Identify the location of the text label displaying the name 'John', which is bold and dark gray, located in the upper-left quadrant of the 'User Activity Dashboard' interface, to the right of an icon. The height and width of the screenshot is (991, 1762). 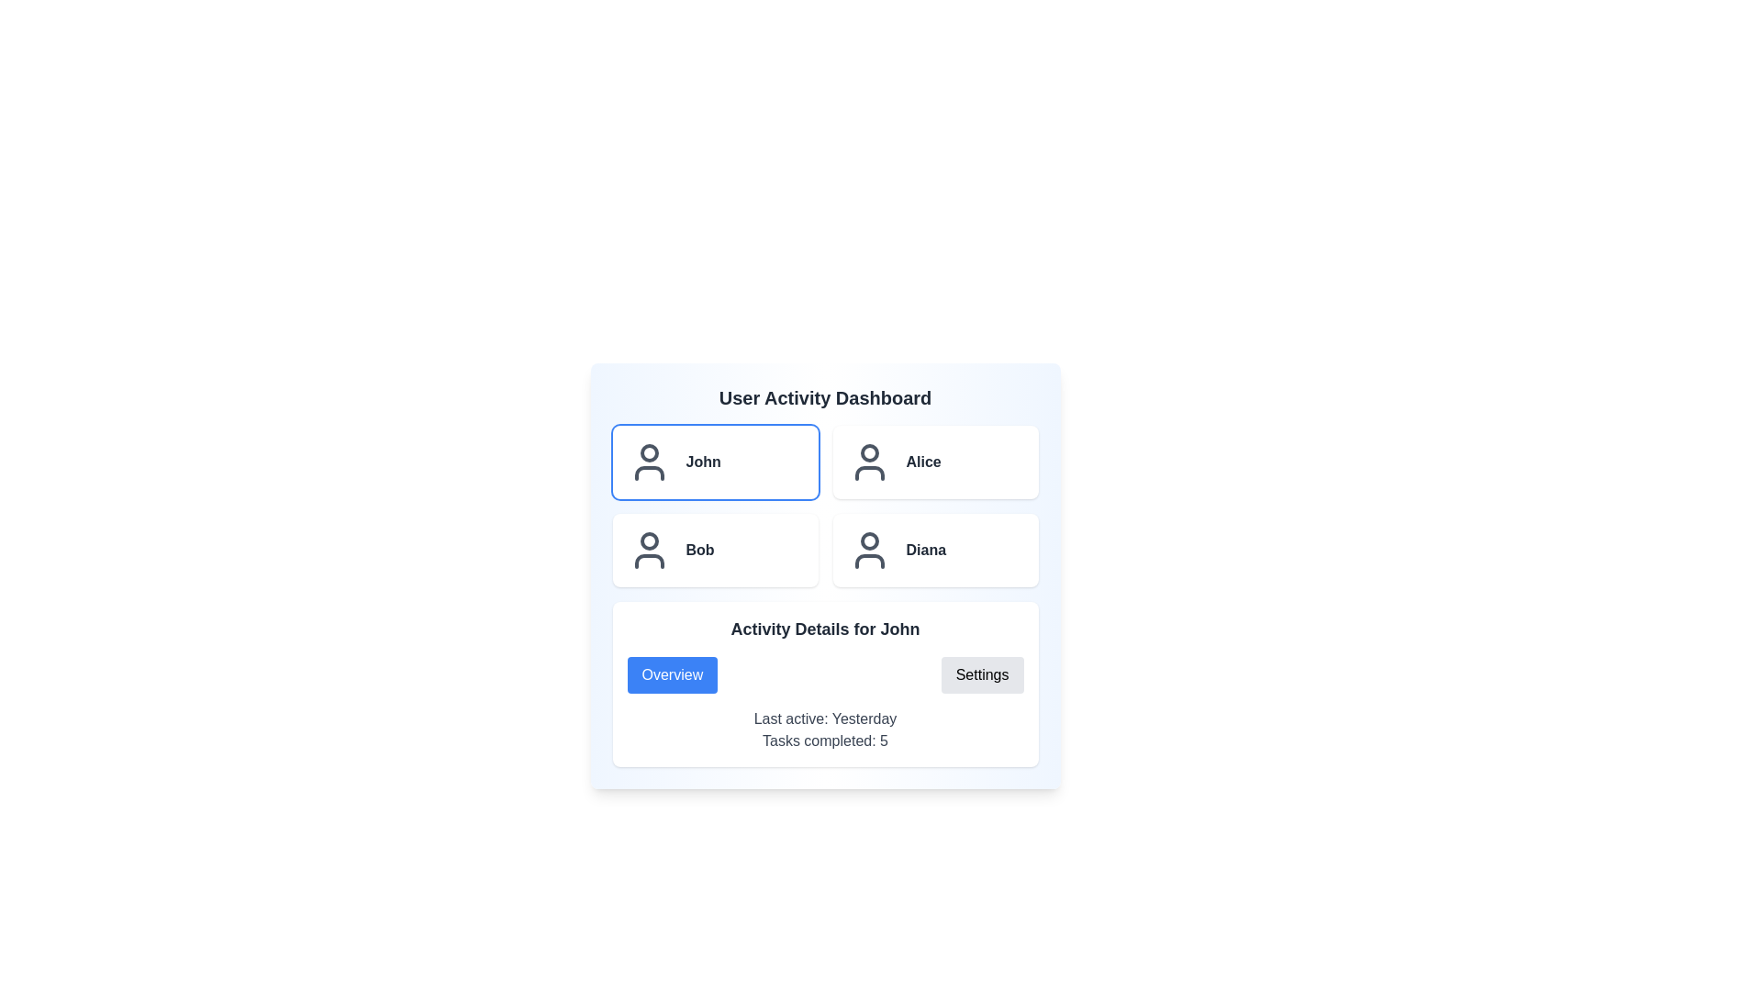
(702, 462).